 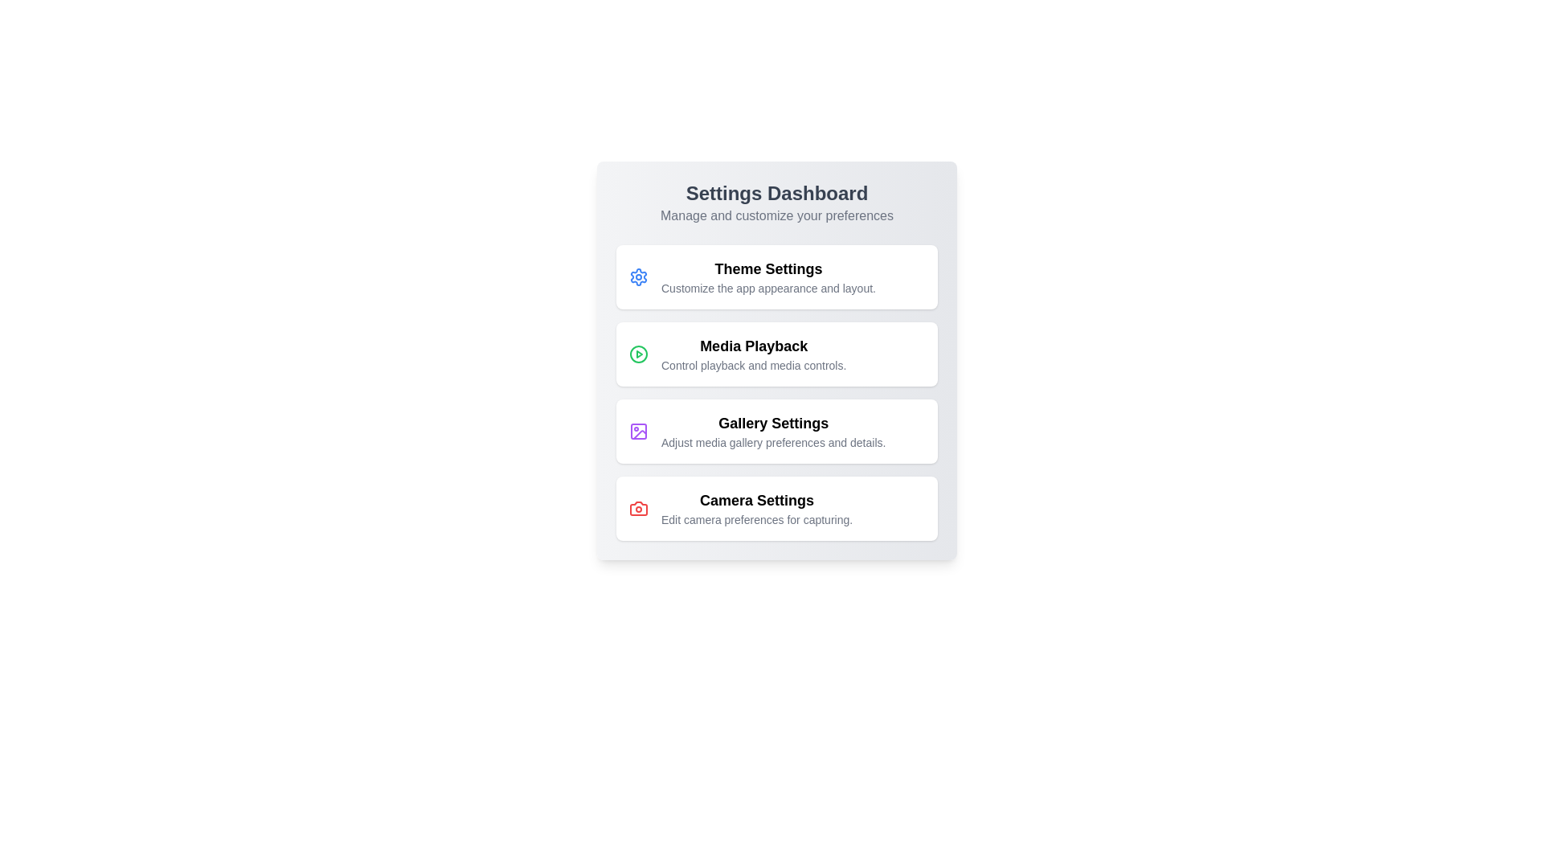 What do you see at coordinates (773, 423) in the screenshot?
I see `the 'Gallery Settings' text label, which is styled as a bold and larger font title within the settings list` at bounding box center [773, 423].